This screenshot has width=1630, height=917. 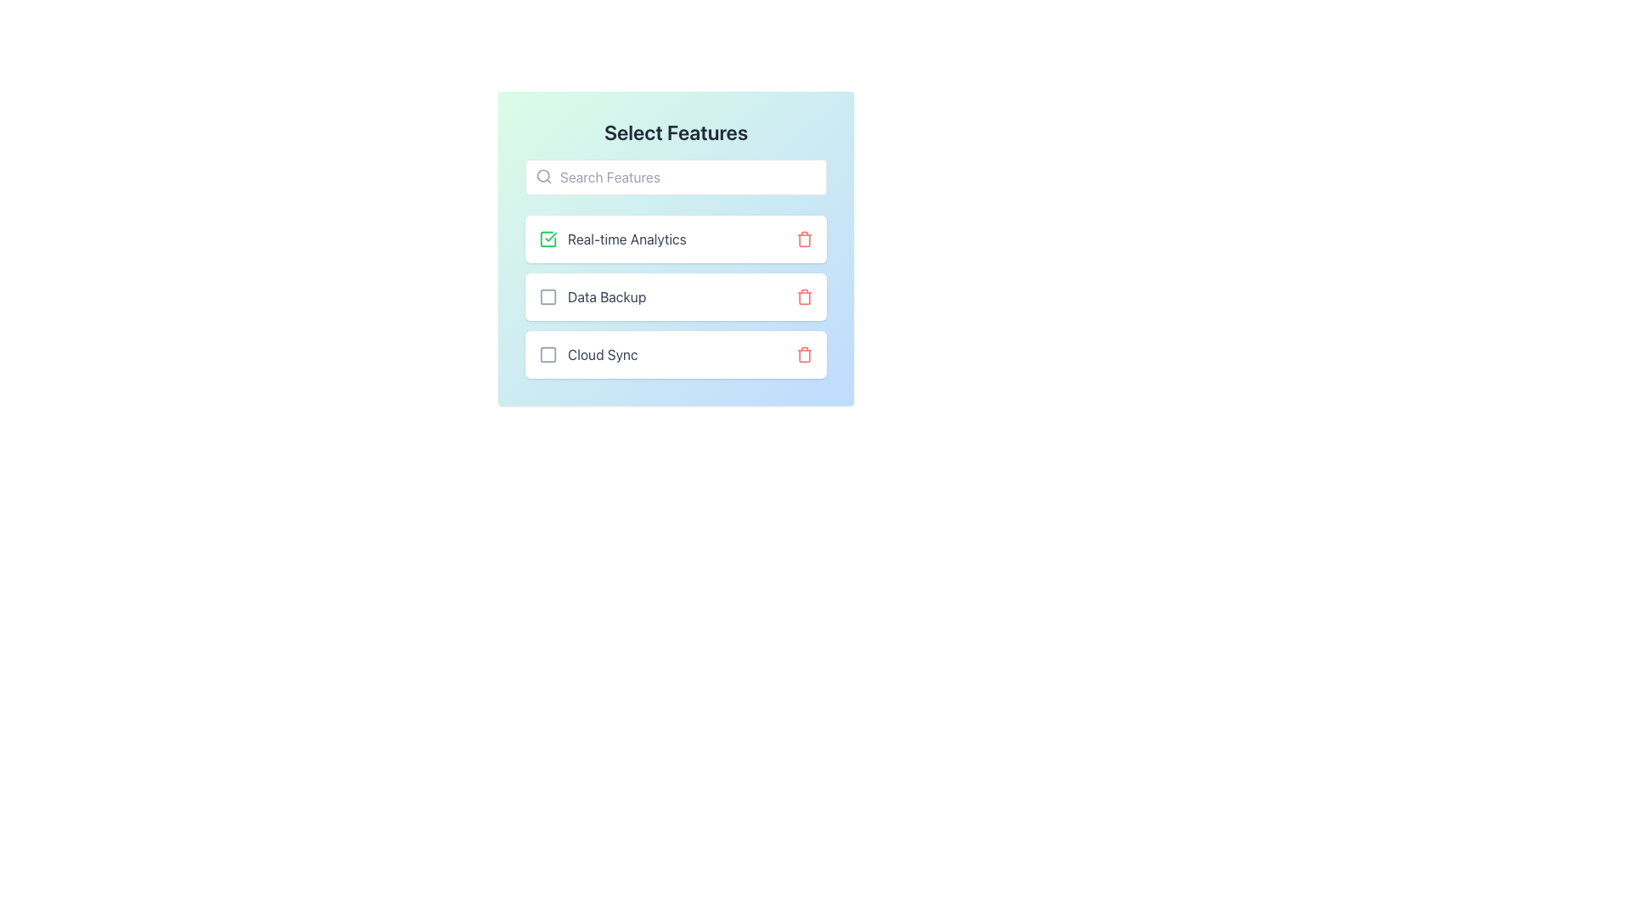 What do you see at coordinates (804, 296) in the screenshot?
I see `the delete icon button located at the far right of the 'Data Backup' row to initiate the deletion process for the associated feature item` at bounding box center [804, 296].